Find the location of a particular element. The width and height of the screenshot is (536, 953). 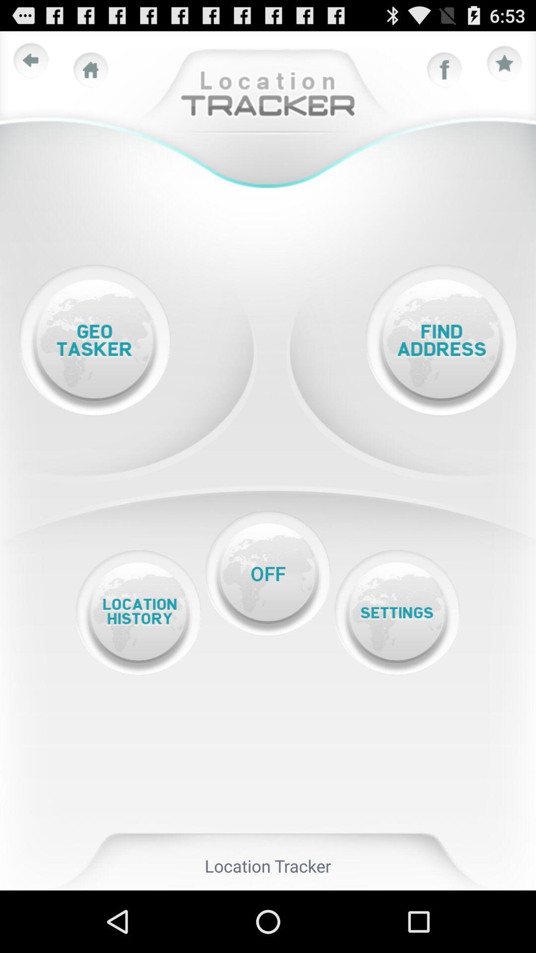

the home icon is located at coordinates (91, 74).